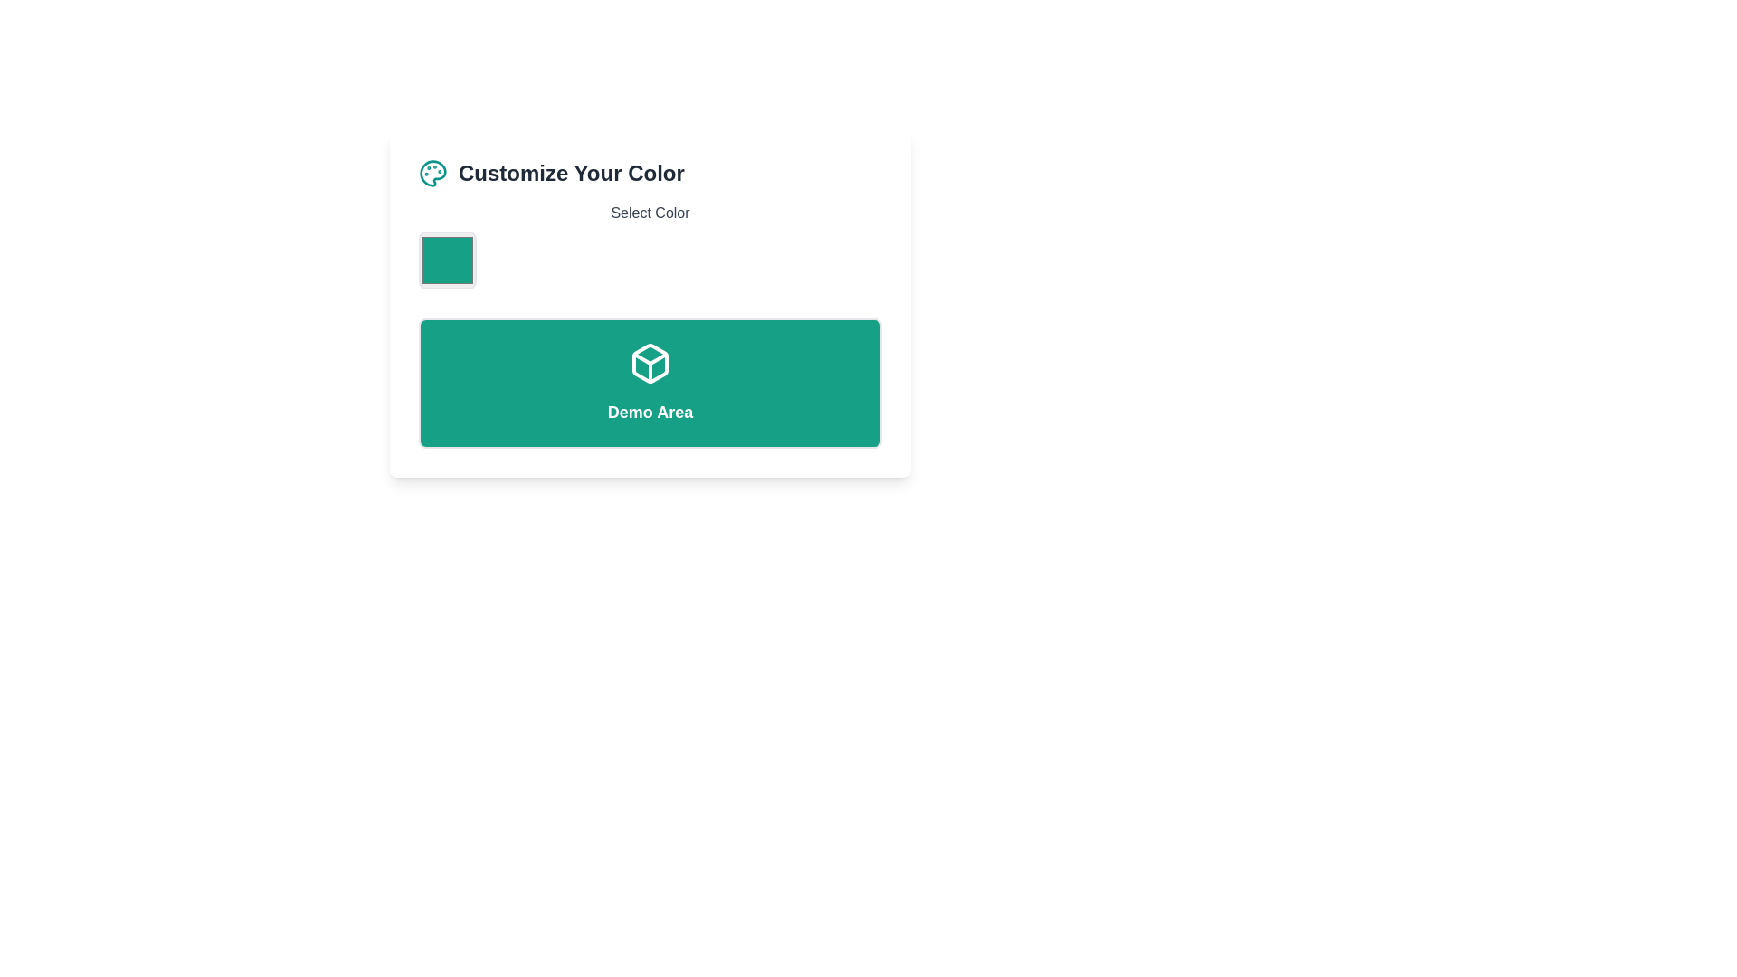 Image resolution: width=1737 pixels, height=977 pixels. Describe the element at coordinates (447, 261) in the screenshot. I see `the Color picker input element` at that location.